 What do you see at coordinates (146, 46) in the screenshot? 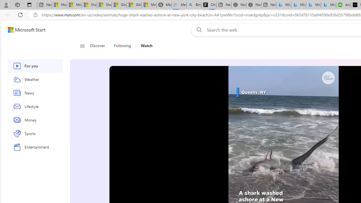
I see `'Watch'` at bounding box center [146, 46].